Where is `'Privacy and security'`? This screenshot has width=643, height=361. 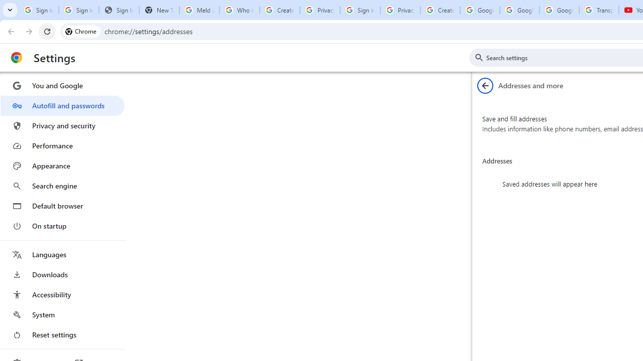 'Privacy and security' is located at coordinates (62, 125).